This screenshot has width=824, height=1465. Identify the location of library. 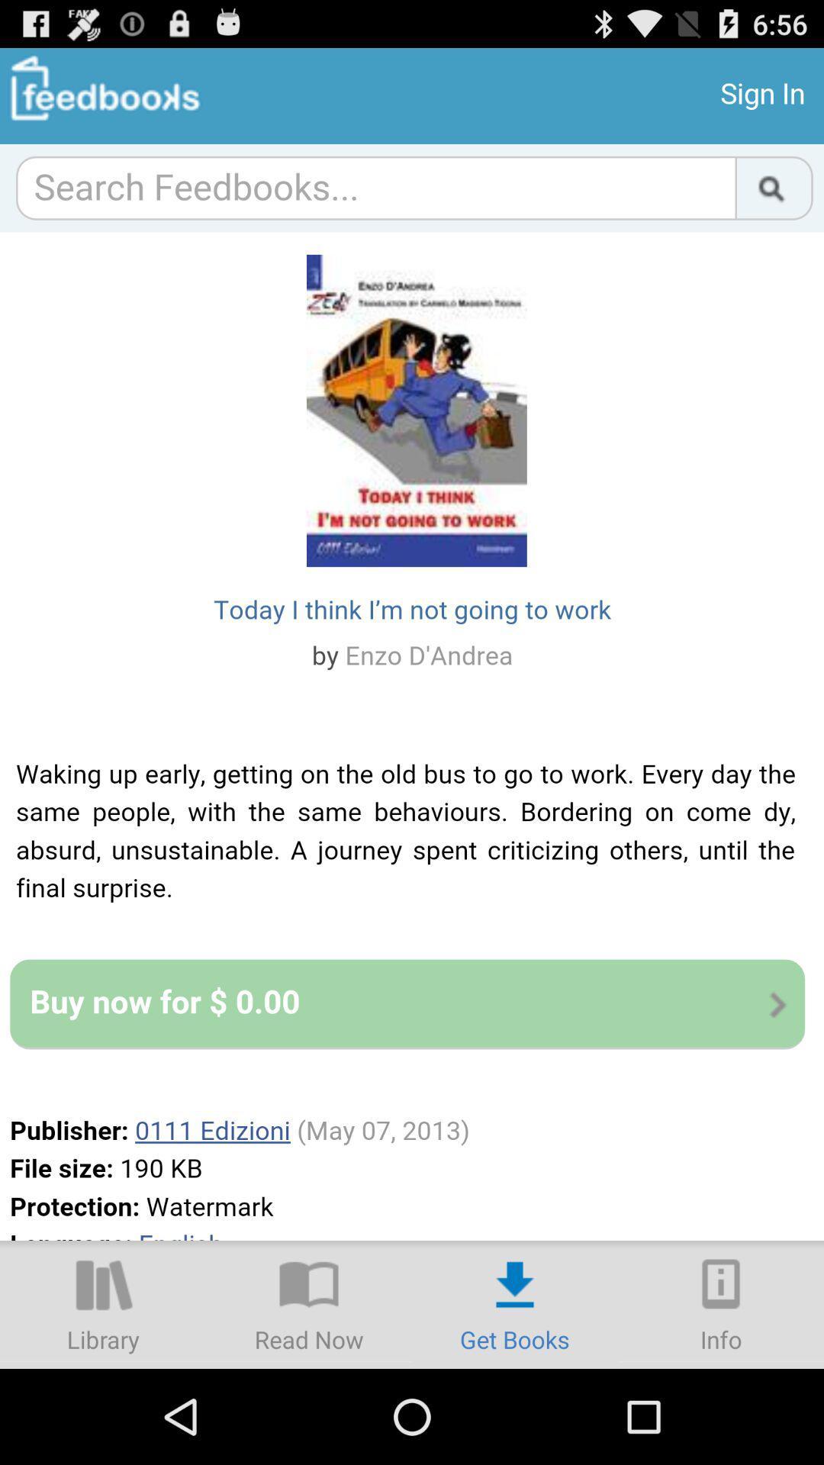
(103, 1303).